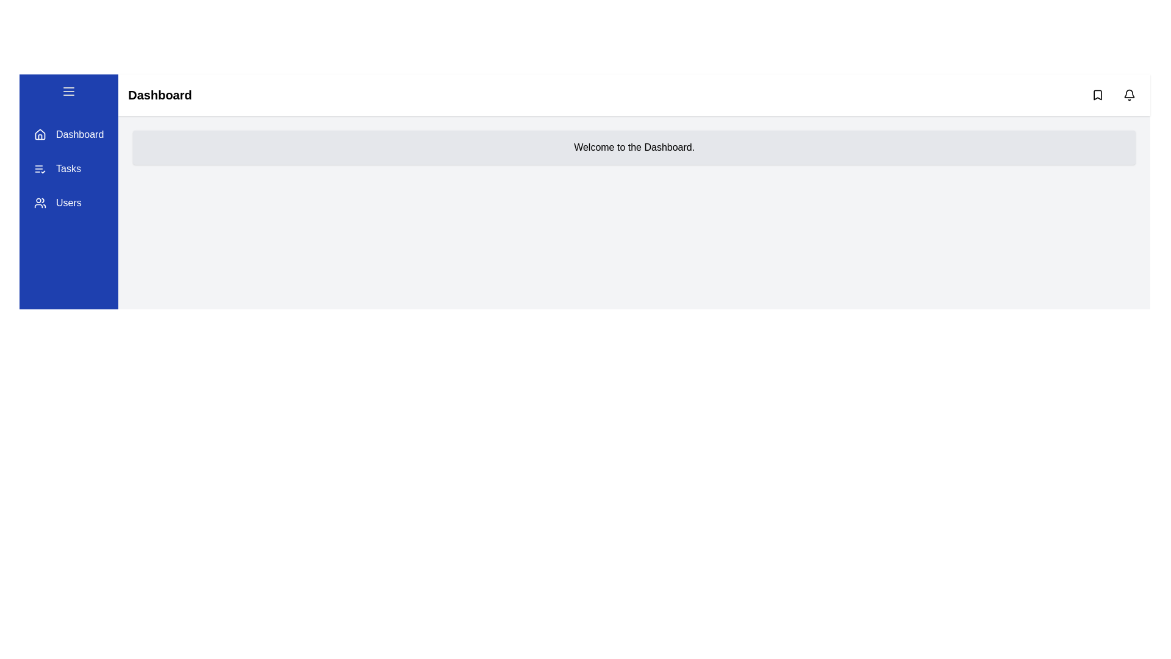 This screenshot has width=1171, height=659. Describe the element at coordinates (1098, 94) in the screenshot. I see `the bookmark icon located in the rightmost section of the top navigation bar` at that location.